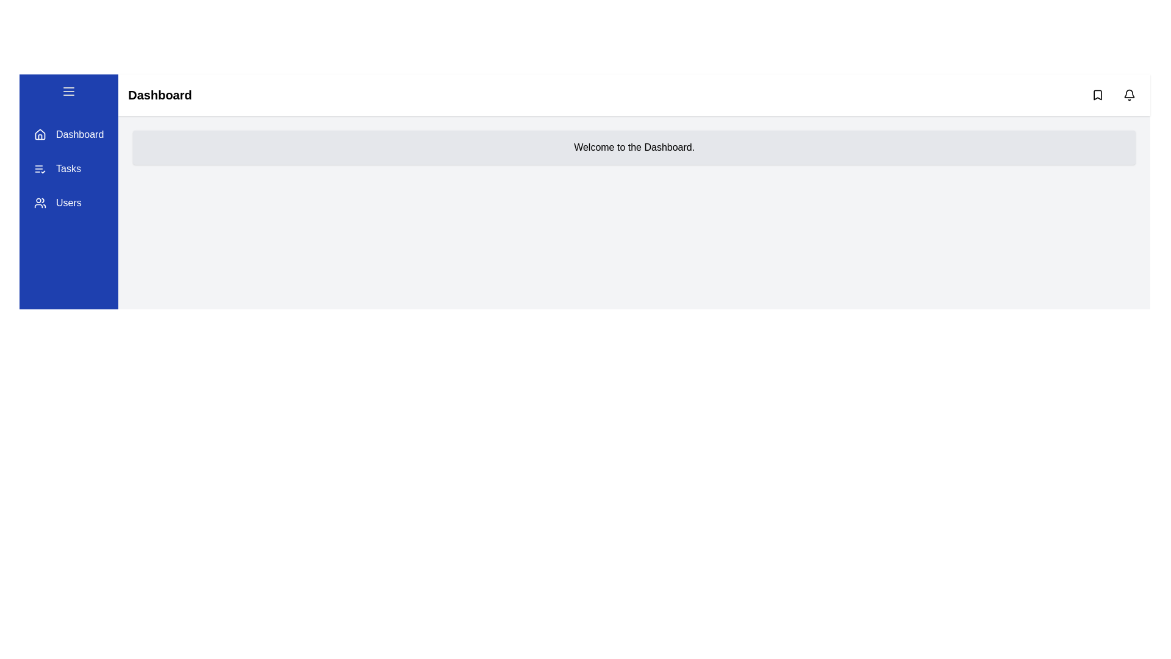 This screenshot has width=1171, height=659. Describe the element at coordinates (1098, 94) in the screenshot. I see `the bookmark icon located in the rightmost section of the top navigation bar` at that location.